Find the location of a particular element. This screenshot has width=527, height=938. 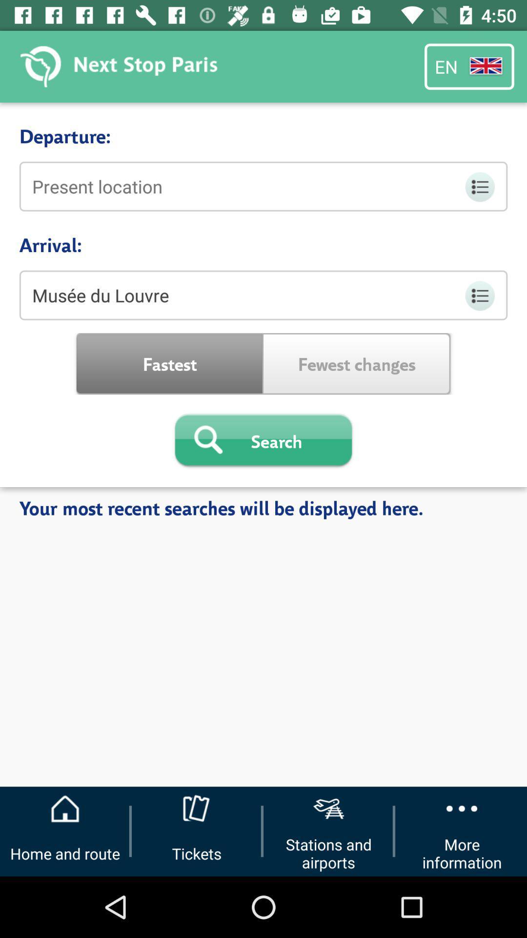

the icon below the departure: item is located at coordinates (263, 186).